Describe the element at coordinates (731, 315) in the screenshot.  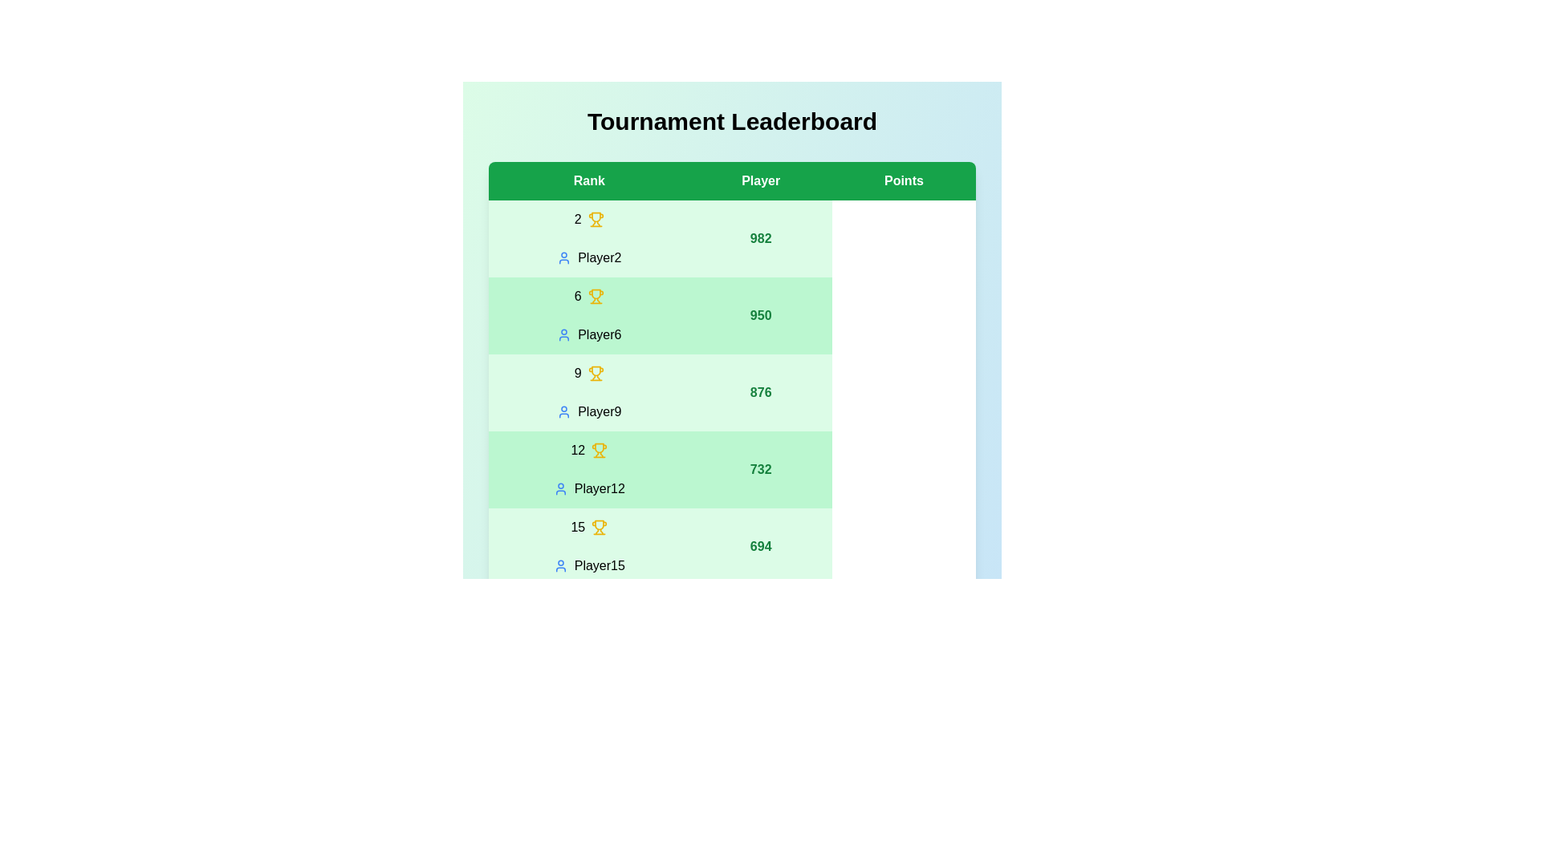
I see `the row corresponding to rank 6` at that location.